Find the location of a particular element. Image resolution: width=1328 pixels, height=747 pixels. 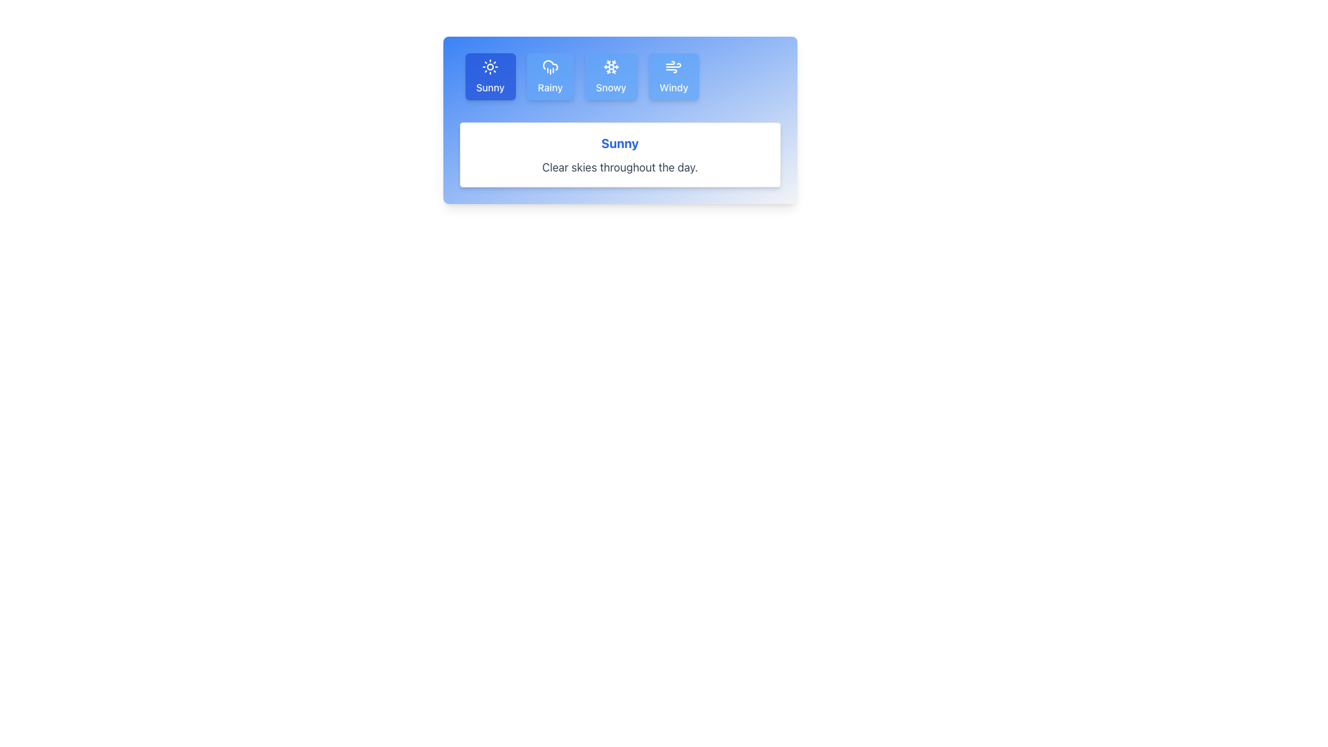

the 'Rainy' weather selection button, which is the second button in a row of four, positioned between the 'Sunny' and 'Snowy' buttons is located at coordinates (549, 77).